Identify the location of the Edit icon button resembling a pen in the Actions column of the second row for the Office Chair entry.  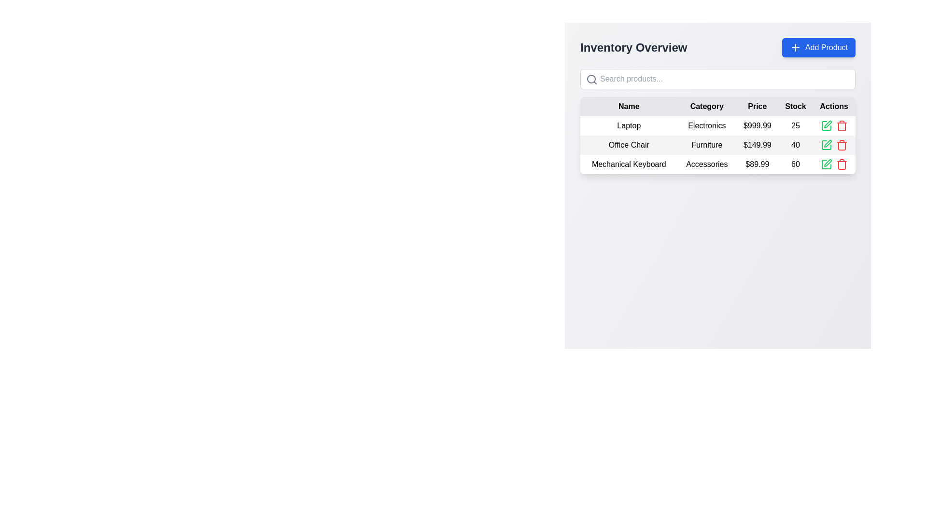
(827, 143).